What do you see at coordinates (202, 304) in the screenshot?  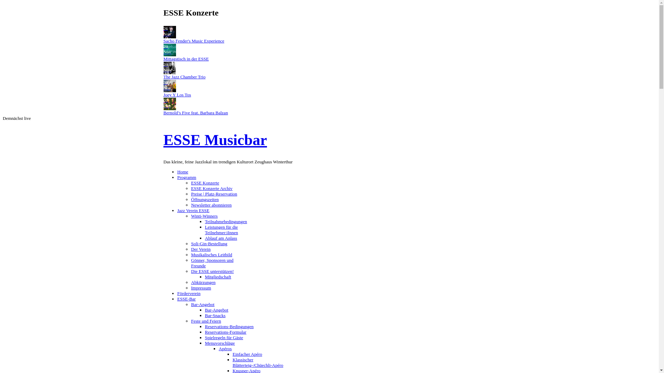 I see `'Bar-Angebot'` at bounding box center [202, 304].